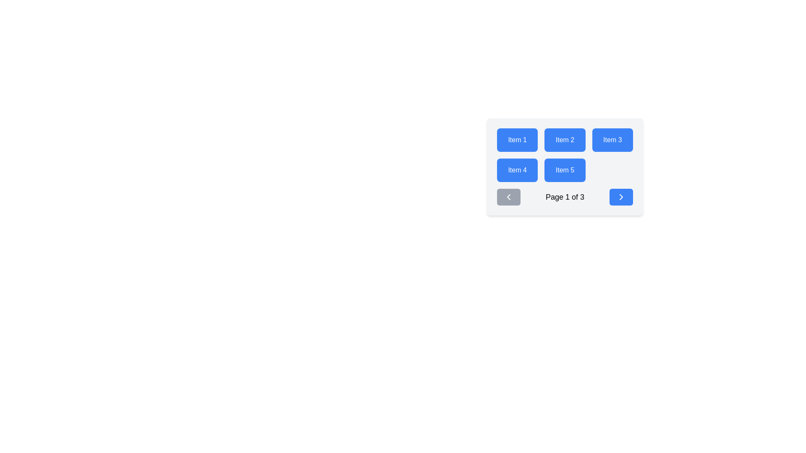 The image size is (806, 453). Describe the element at coordinates (508, 197) in the screenshot. I see `the inactive pagination control button located to the left of 'Page 1 of 3' in the pagination area below the grid of items labeled 'Item 1' to 'Item 5'` at that location.